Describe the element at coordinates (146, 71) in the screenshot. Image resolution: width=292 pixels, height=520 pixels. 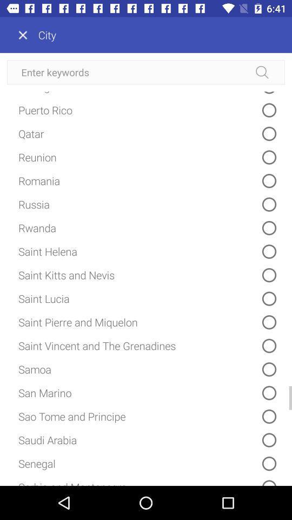
I see `keywords` at that location.